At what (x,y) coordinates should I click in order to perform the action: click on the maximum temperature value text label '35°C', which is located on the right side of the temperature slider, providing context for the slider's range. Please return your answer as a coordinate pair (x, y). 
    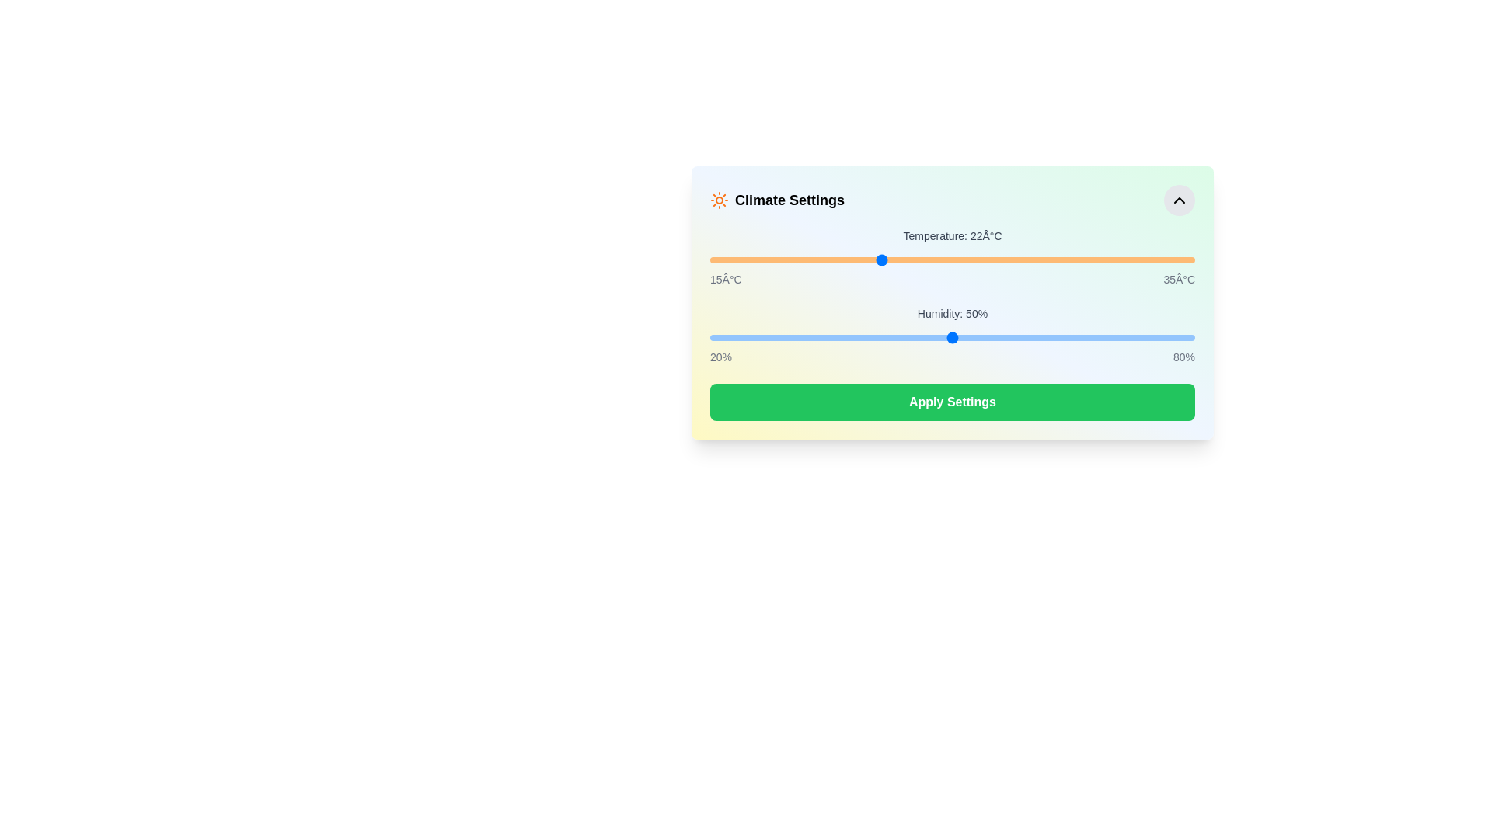
    Looking at the image, I should click on (1179, 278).